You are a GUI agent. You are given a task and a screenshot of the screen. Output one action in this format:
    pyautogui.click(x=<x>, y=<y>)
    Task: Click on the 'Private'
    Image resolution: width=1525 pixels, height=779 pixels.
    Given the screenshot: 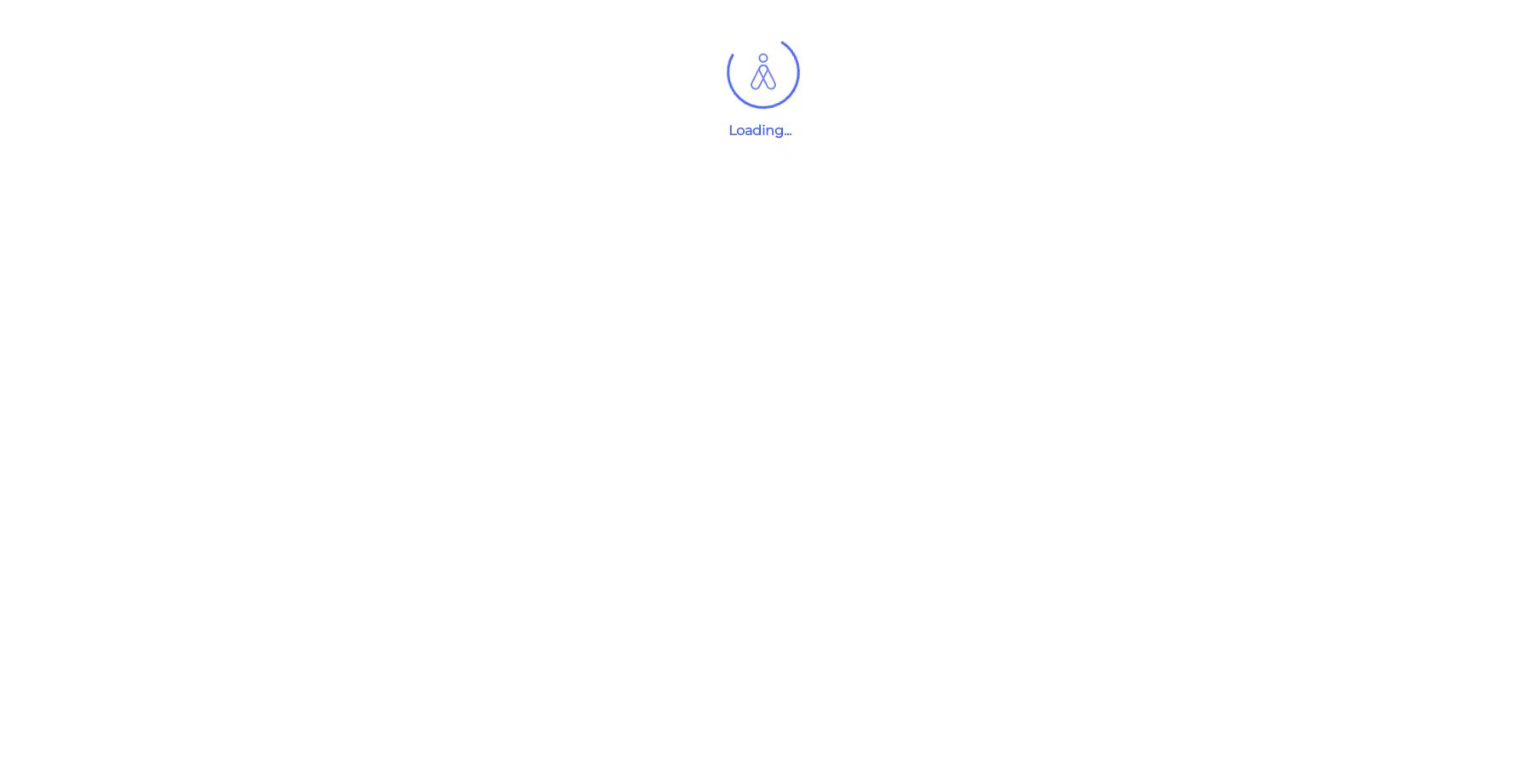 What is the action you would take?
    pyautogui.click(x=125, y=308)
    